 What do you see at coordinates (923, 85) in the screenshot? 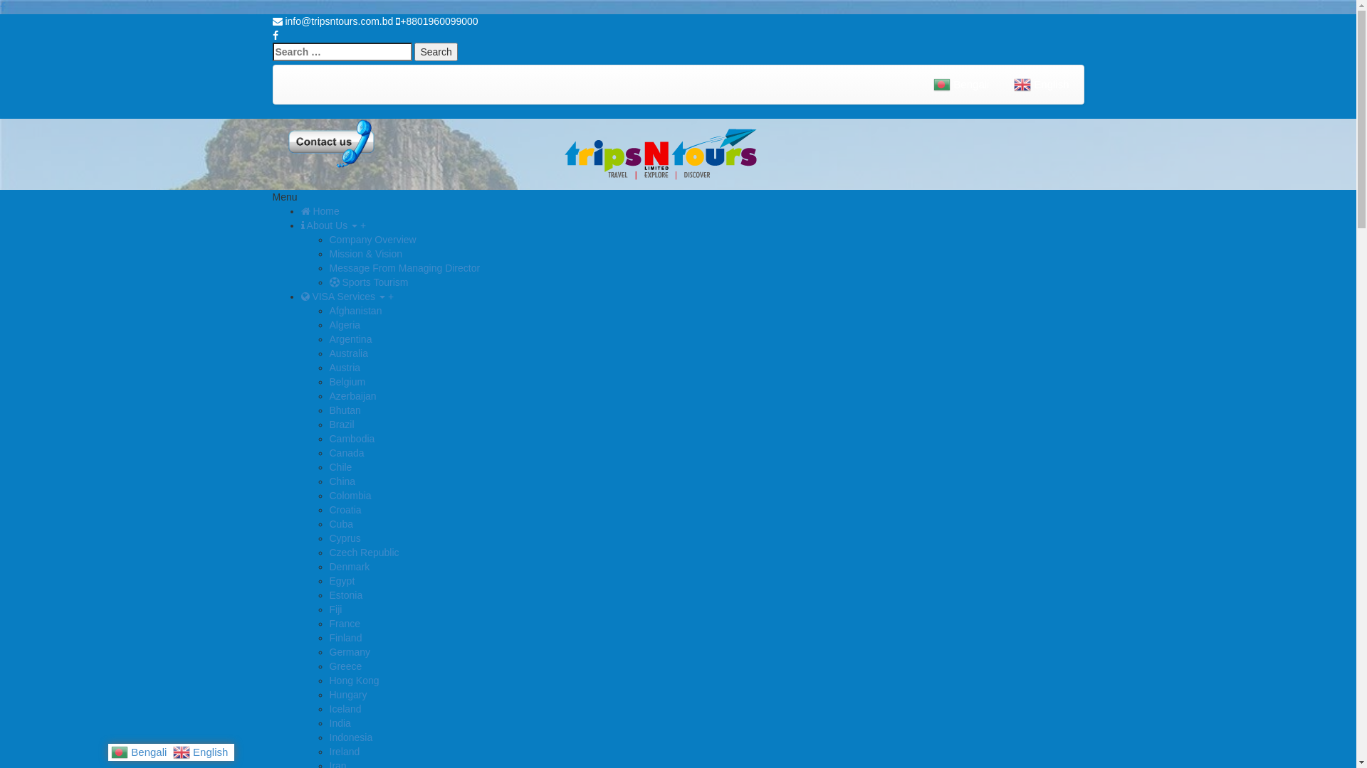
I see `'Bengali'` at bounding box center [923, 85].